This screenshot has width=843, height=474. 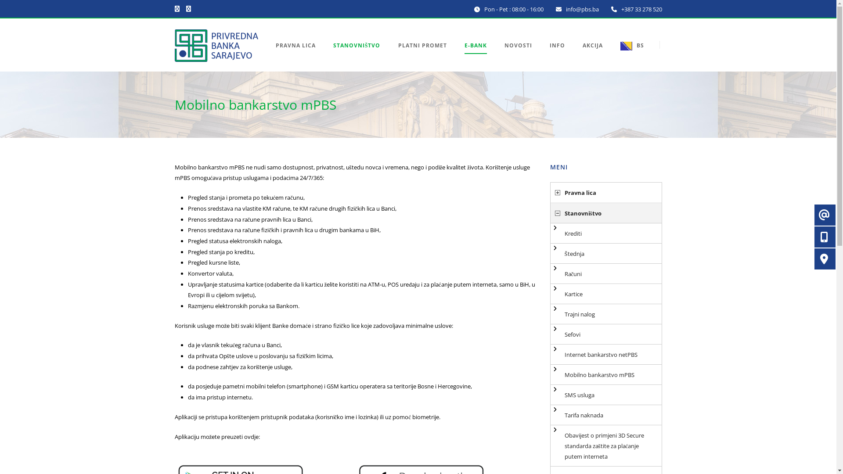 I want to click on 'INFO', so click(x=557, y=56).